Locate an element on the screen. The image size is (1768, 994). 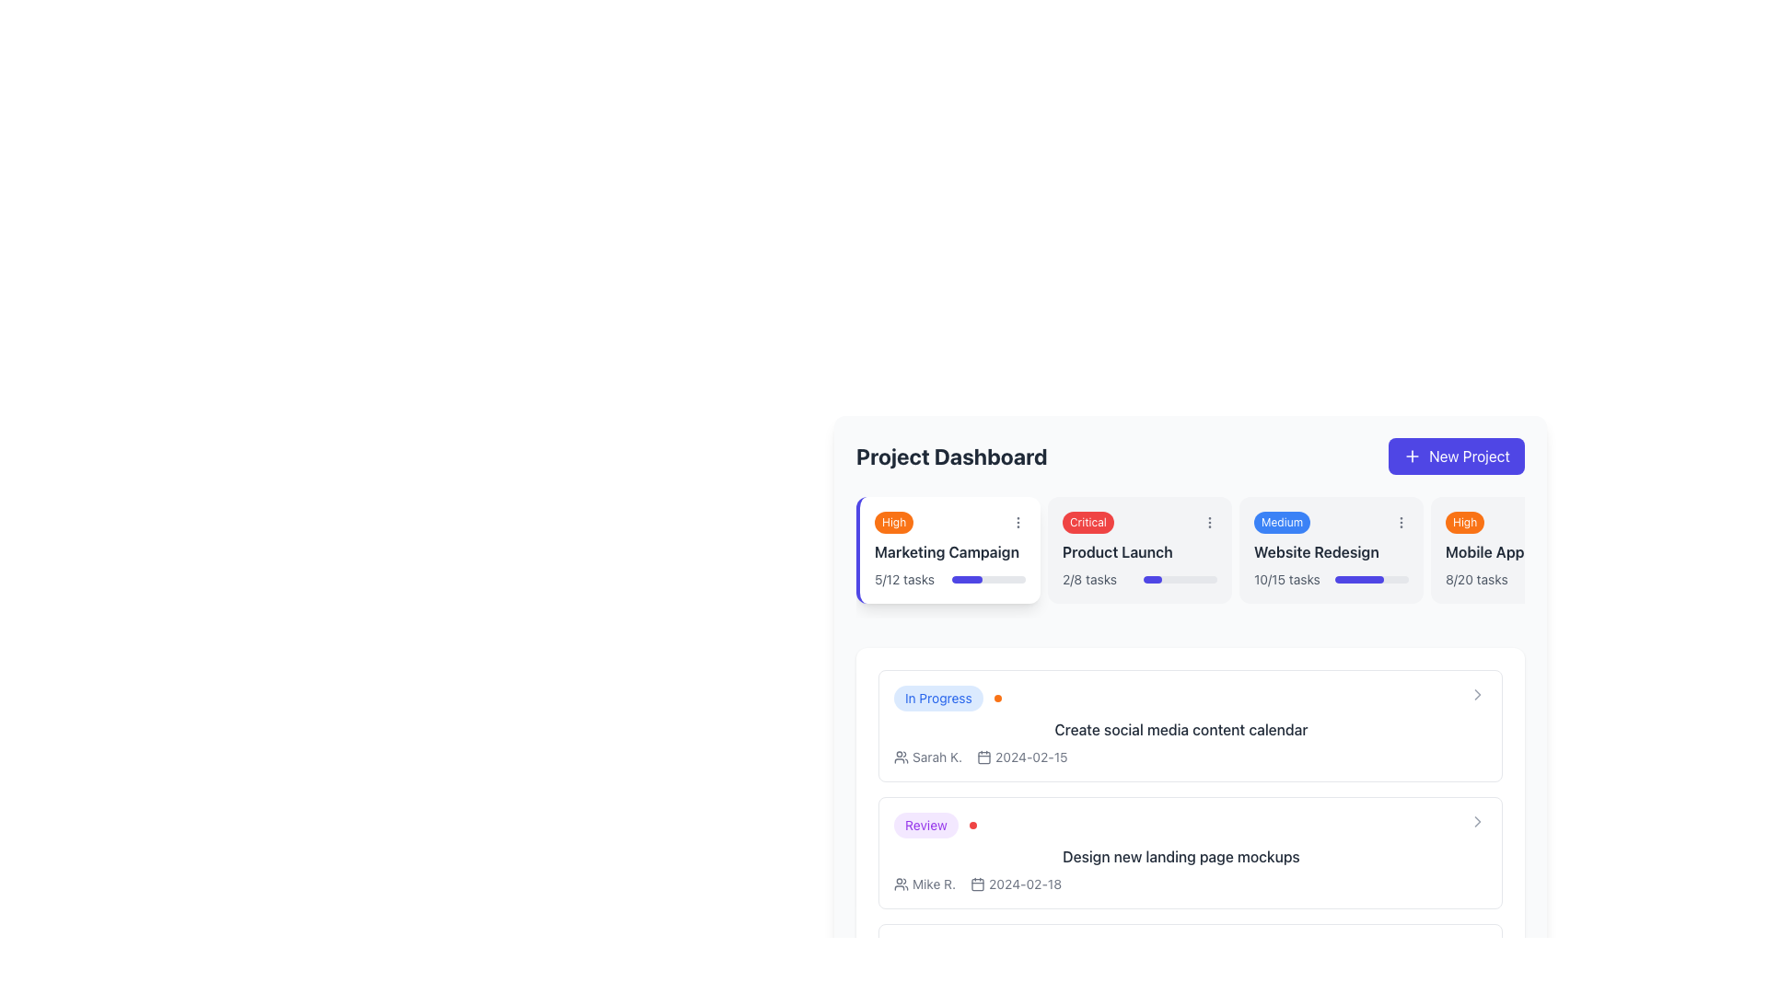
the Information card labeled 'In Progress' with the task title 'Create social media content calendar' is located at coordinates (1181, 725).